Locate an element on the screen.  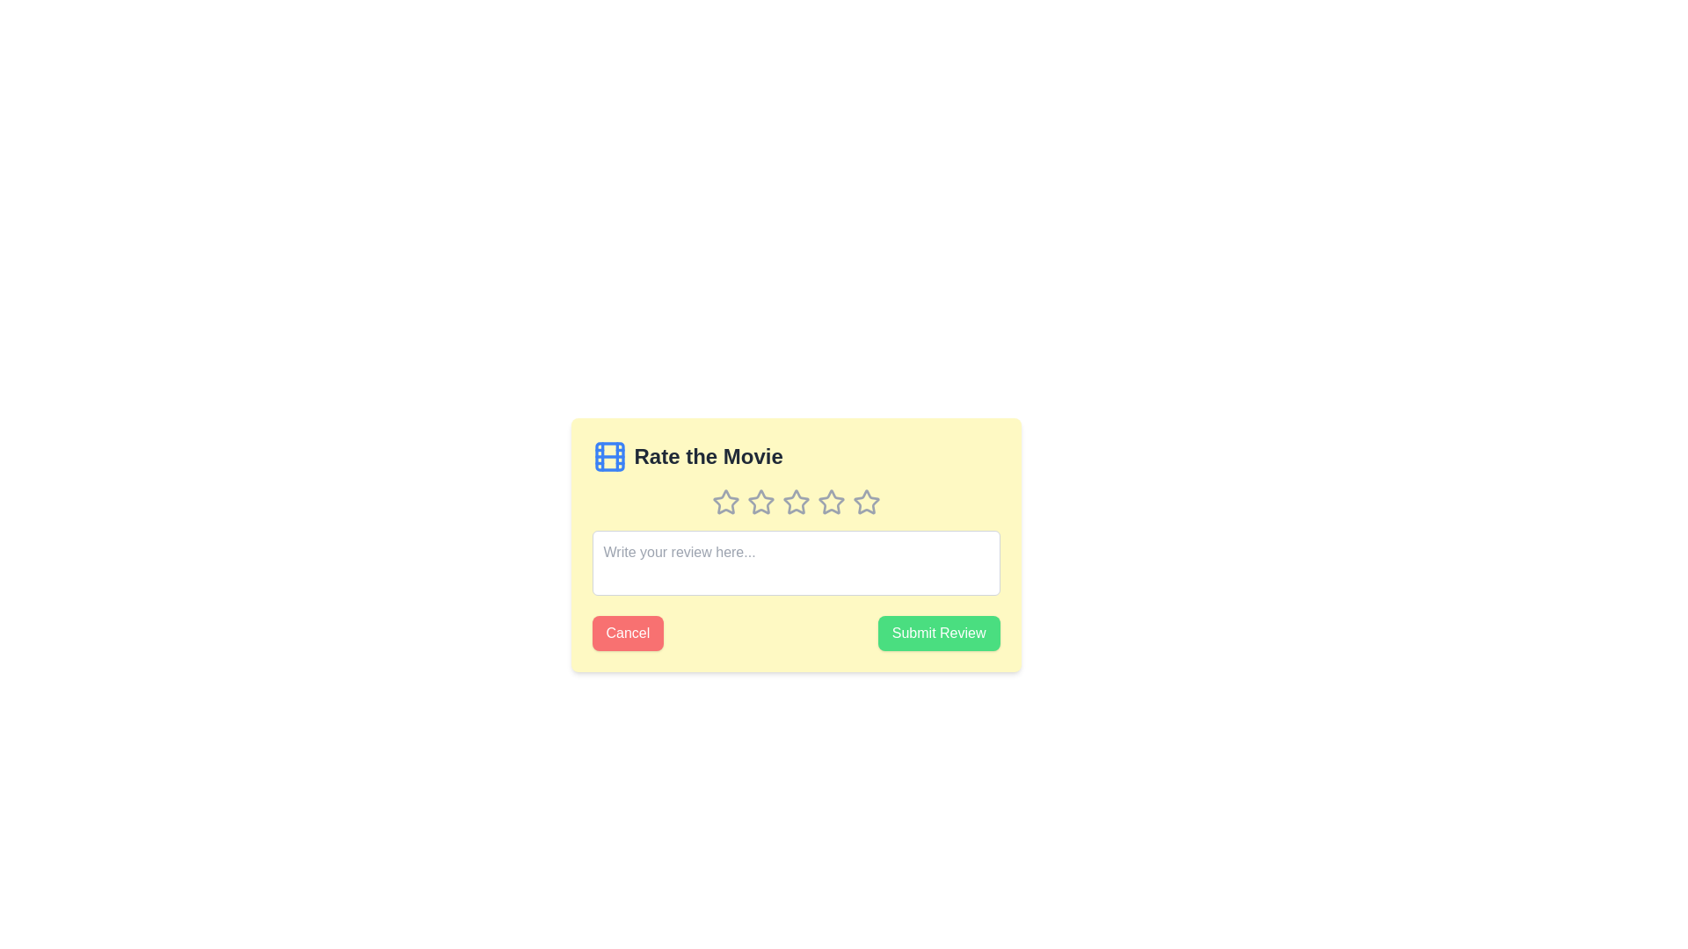
the vibrant green 'Submit Review' button located at the bottom right of the 'Rate the Movie' dialog box is located at coordinates (938, 634).